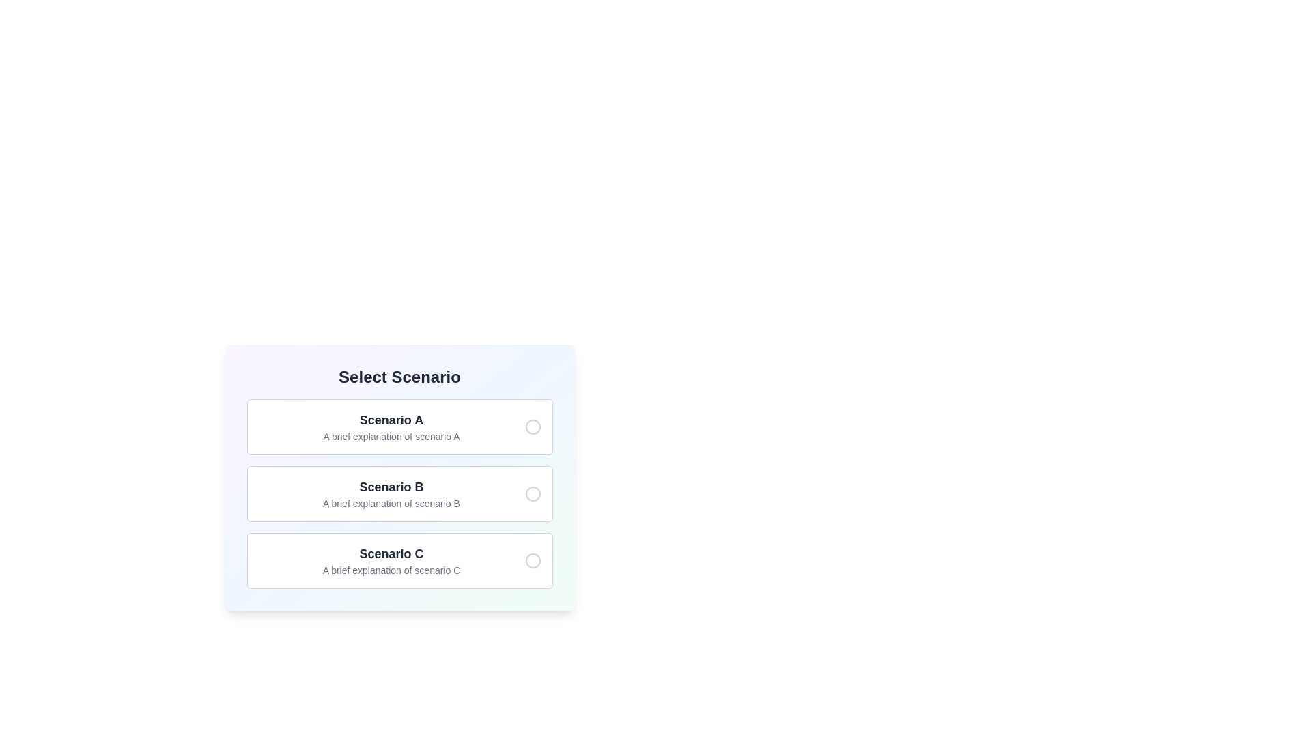 The image size is (1311, 737). What do you see at coordinates (391, 426) in the screenshot?
I see `the text-based selectable element titled 'Scenario A', which features a bold title and a brief explanation` at bounding box center [391, 426].